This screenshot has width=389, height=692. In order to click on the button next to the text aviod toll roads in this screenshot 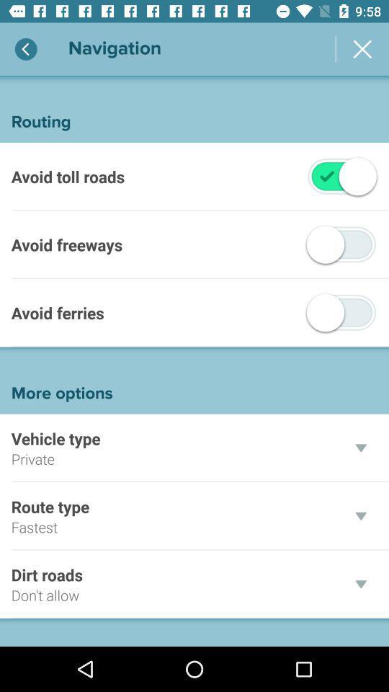, I will do `click(326, 175)`.